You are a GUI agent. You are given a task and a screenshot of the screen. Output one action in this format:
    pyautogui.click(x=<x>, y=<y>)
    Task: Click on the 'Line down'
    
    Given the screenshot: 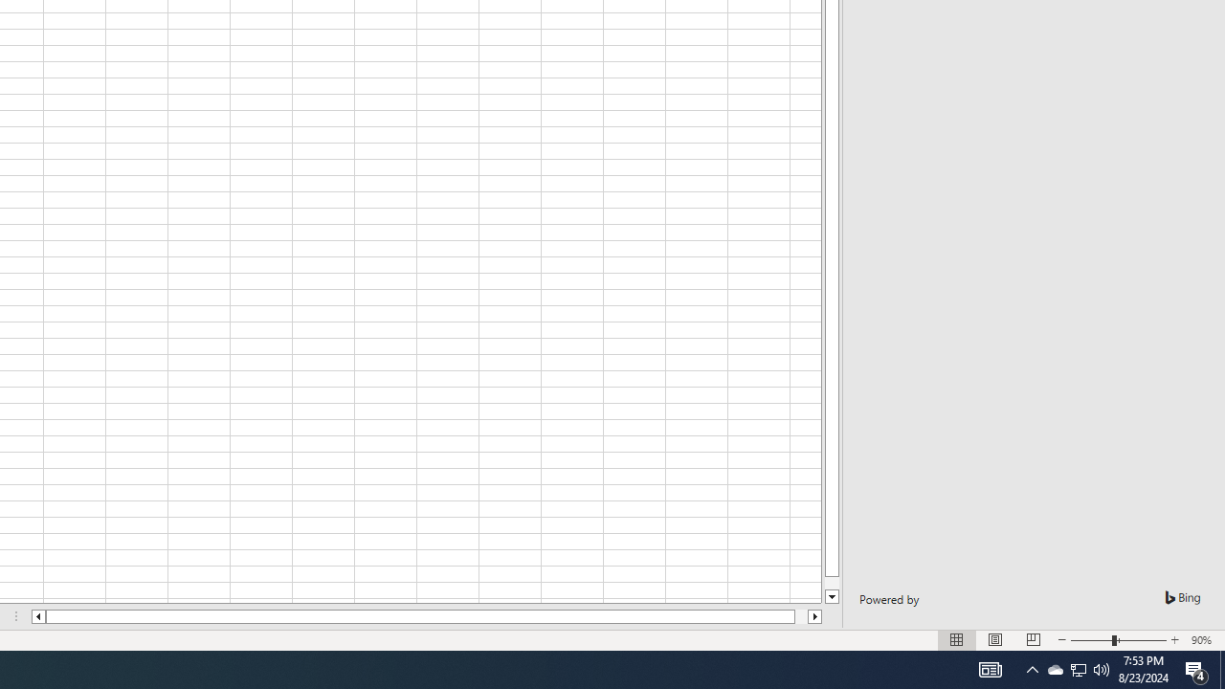 What is the action you would take?
    pyautogui.click(x=832, y=596)
    